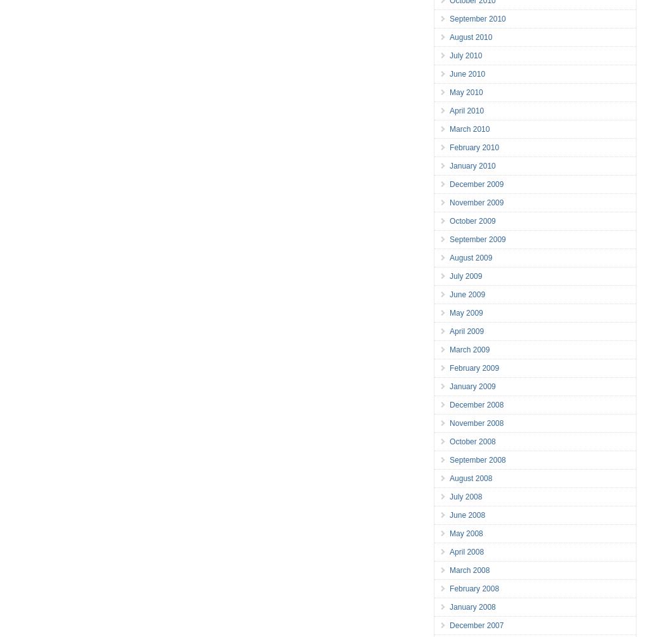 This screenshot has width=665, height=637. What do you see at coordinates (476, 202) in the screenshot?
I see `'November 2009'` at bounding box center [476, 202].